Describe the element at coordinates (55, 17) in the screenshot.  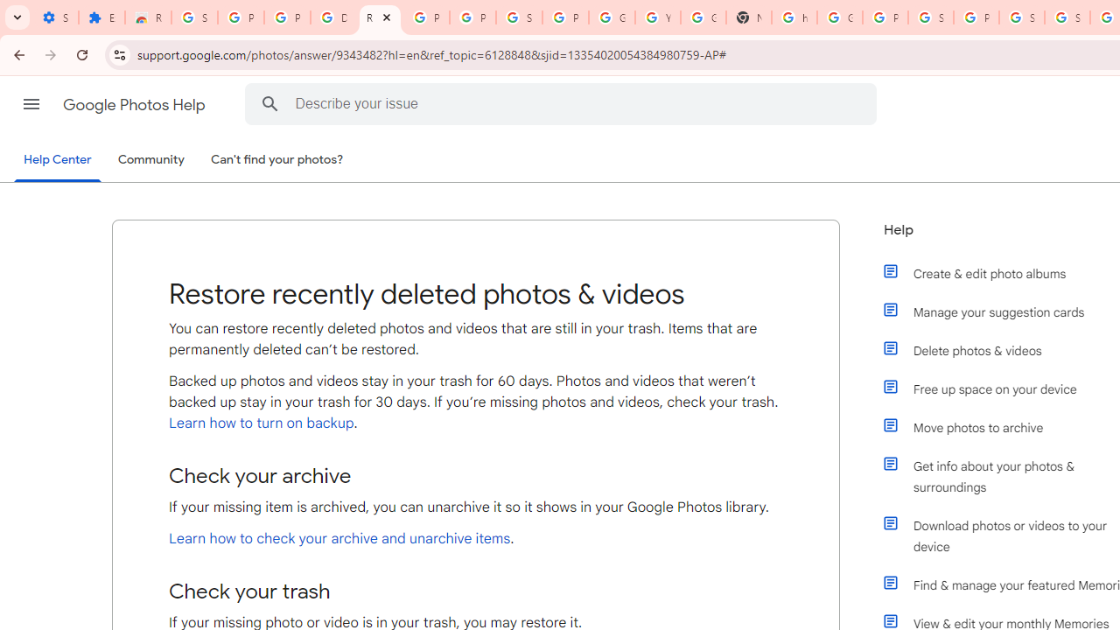
I see `'Settings - On startup'` at that location.